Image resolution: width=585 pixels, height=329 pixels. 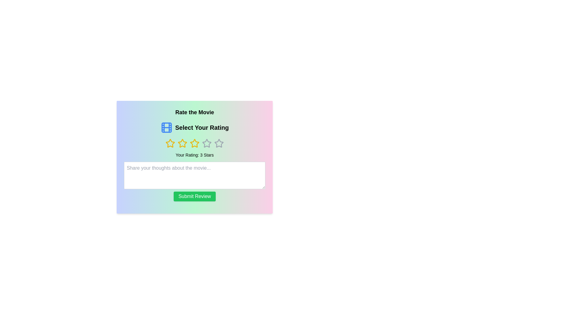 What do you see at coordinates (194, 143) in the screenshot?
I see `one of the star icons in the Rating component` at bounding box center [194, 143].